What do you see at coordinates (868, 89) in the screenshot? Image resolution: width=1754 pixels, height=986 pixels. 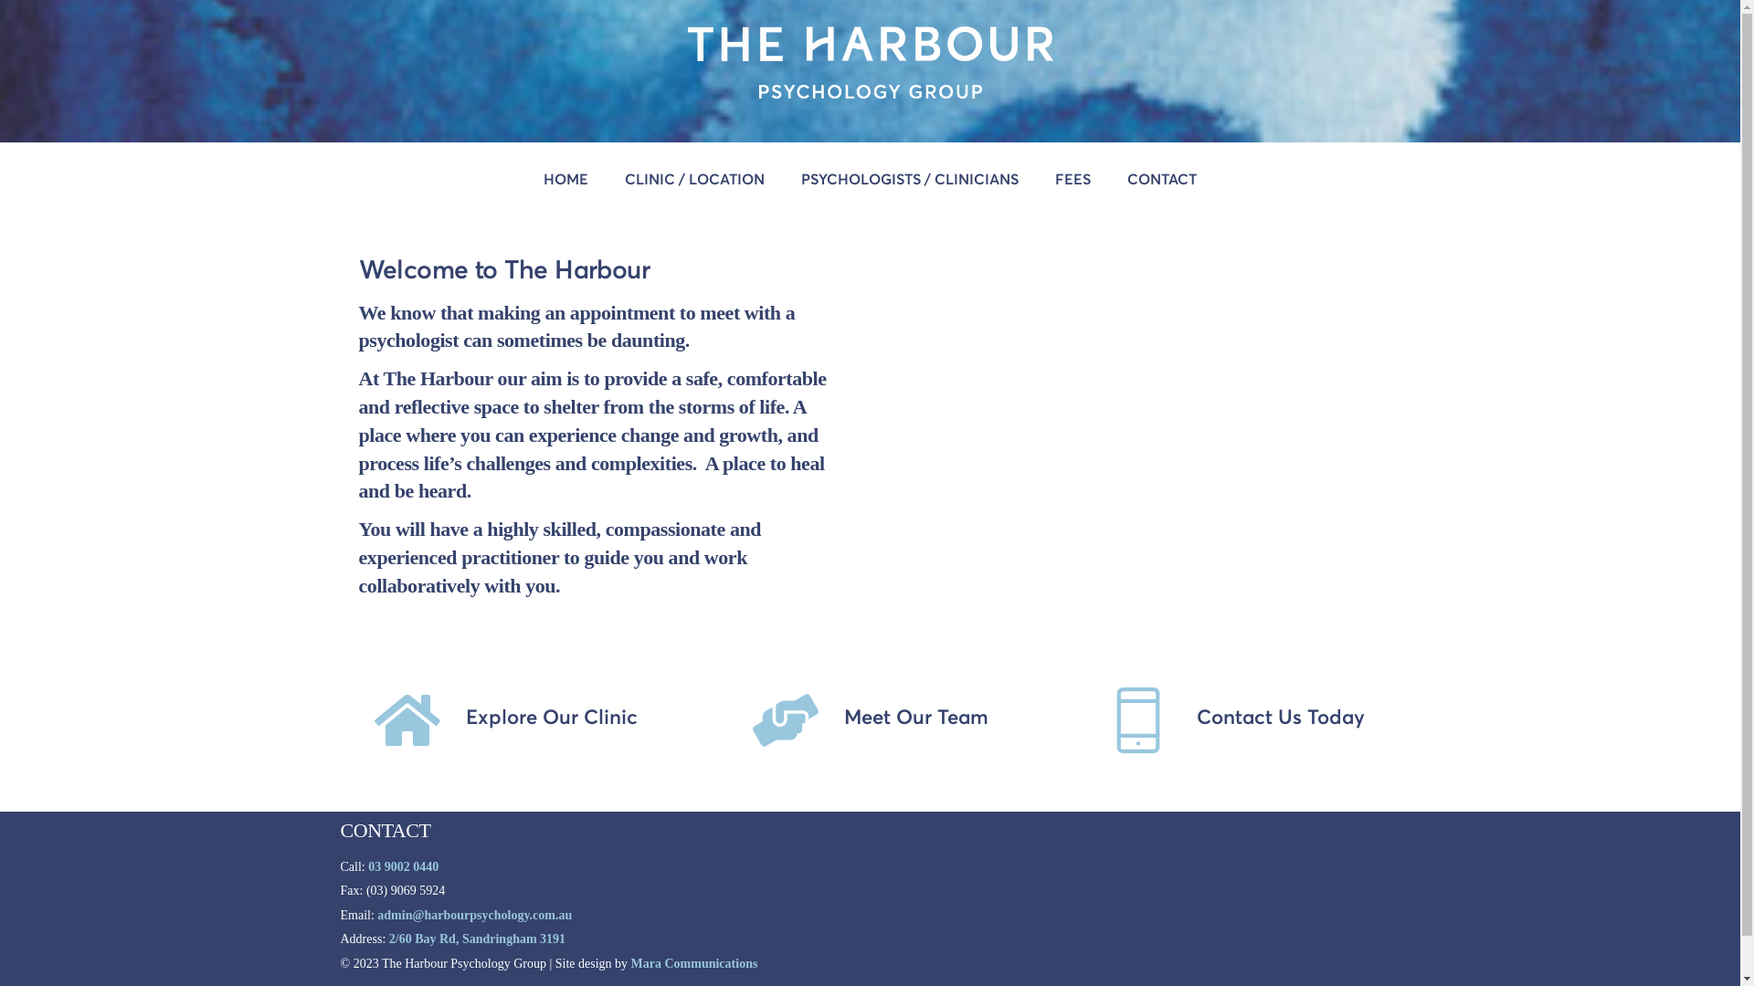 I see `'The Harbour Psychology Group'` at bounding box center [868, 89].